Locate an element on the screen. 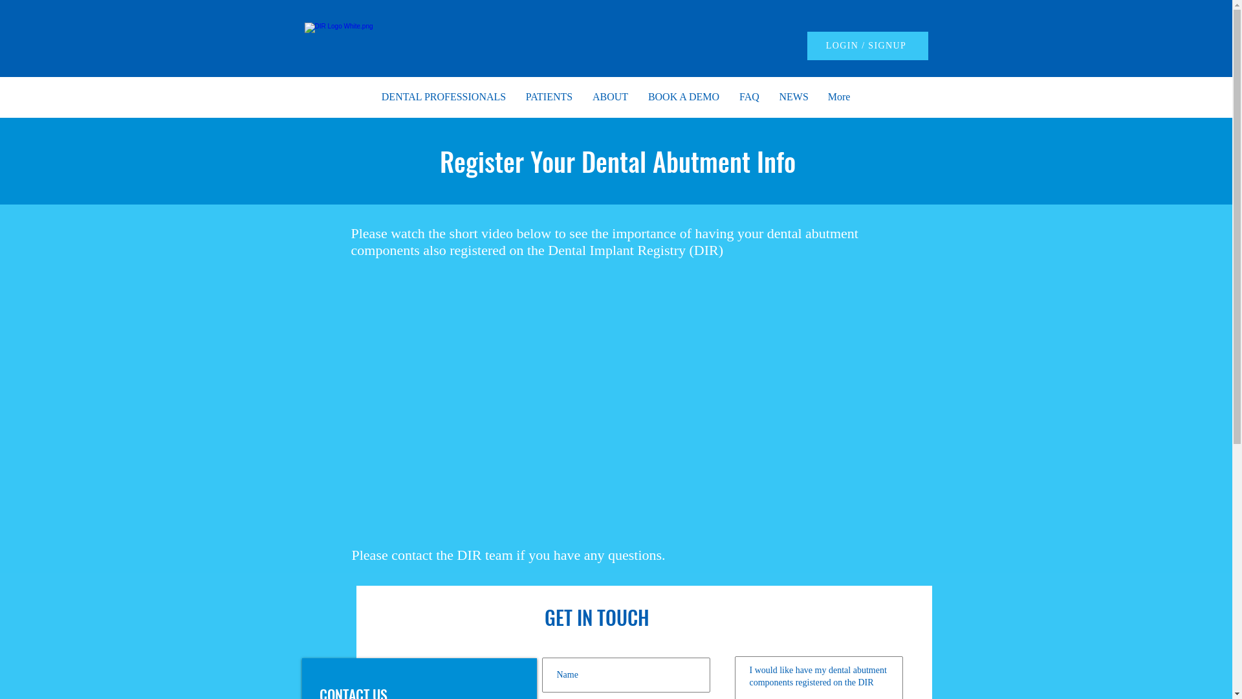 The height and width of the screenshot is (699, 1242). 'ABOUT' is located at coordinates (609, 96).